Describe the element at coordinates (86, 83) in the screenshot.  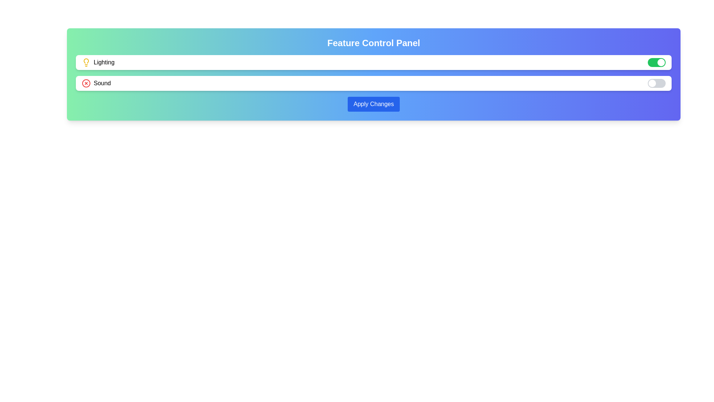
I see `the status icon indicating the 'Sound' feature, which is located to the immediate left of the 'Sound' text label in the second row of the Feature Control Panel, to possibly toggle or interact with it` at that location.